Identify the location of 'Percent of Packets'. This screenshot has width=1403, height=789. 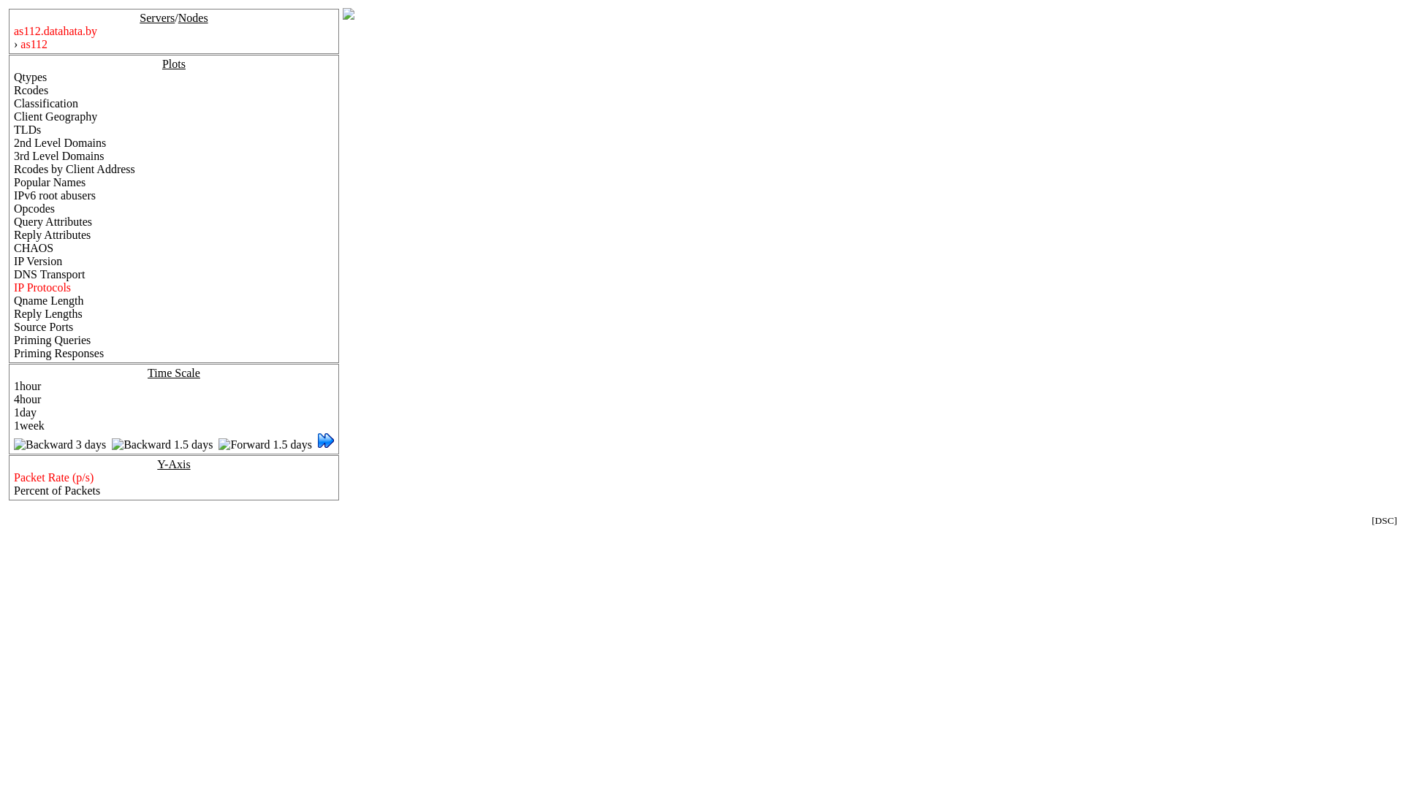
(56, 490).